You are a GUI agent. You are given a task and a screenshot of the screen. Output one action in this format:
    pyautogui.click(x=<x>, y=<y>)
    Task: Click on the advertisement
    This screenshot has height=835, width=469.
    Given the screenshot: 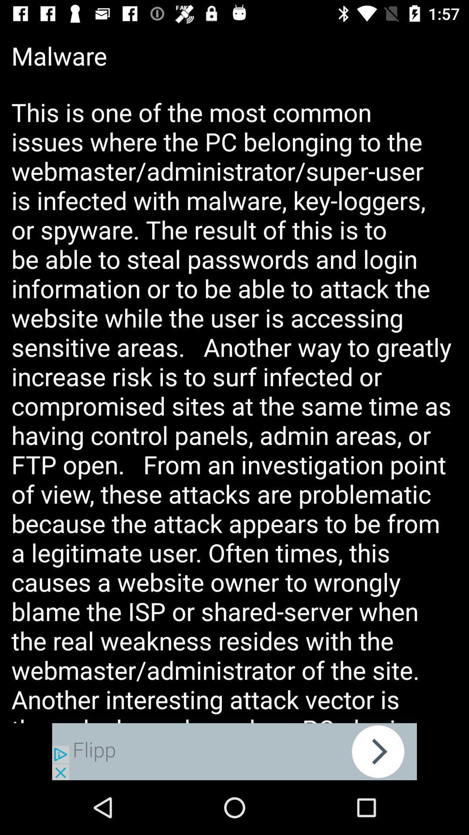 What is the action you would take?
    pyautogui.click(x=234, y=751)
    